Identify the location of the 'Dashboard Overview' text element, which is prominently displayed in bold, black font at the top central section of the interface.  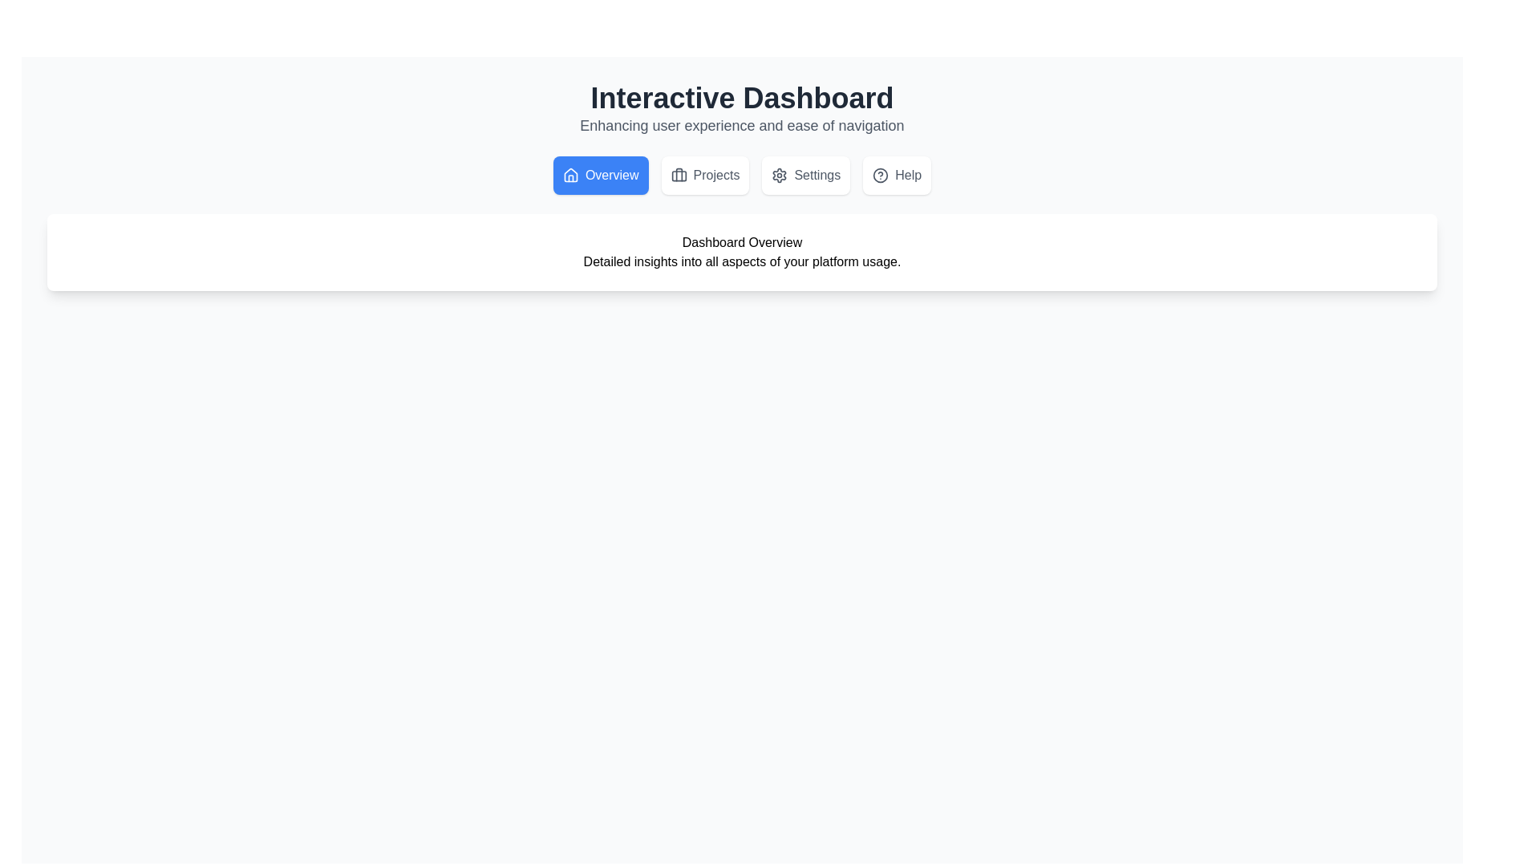
(741, 243).